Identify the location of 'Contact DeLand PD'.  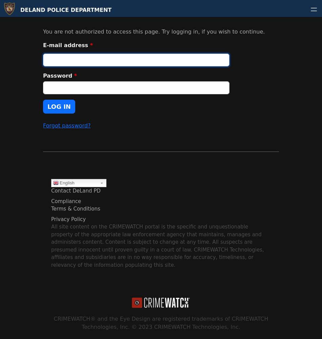
(76, 191).